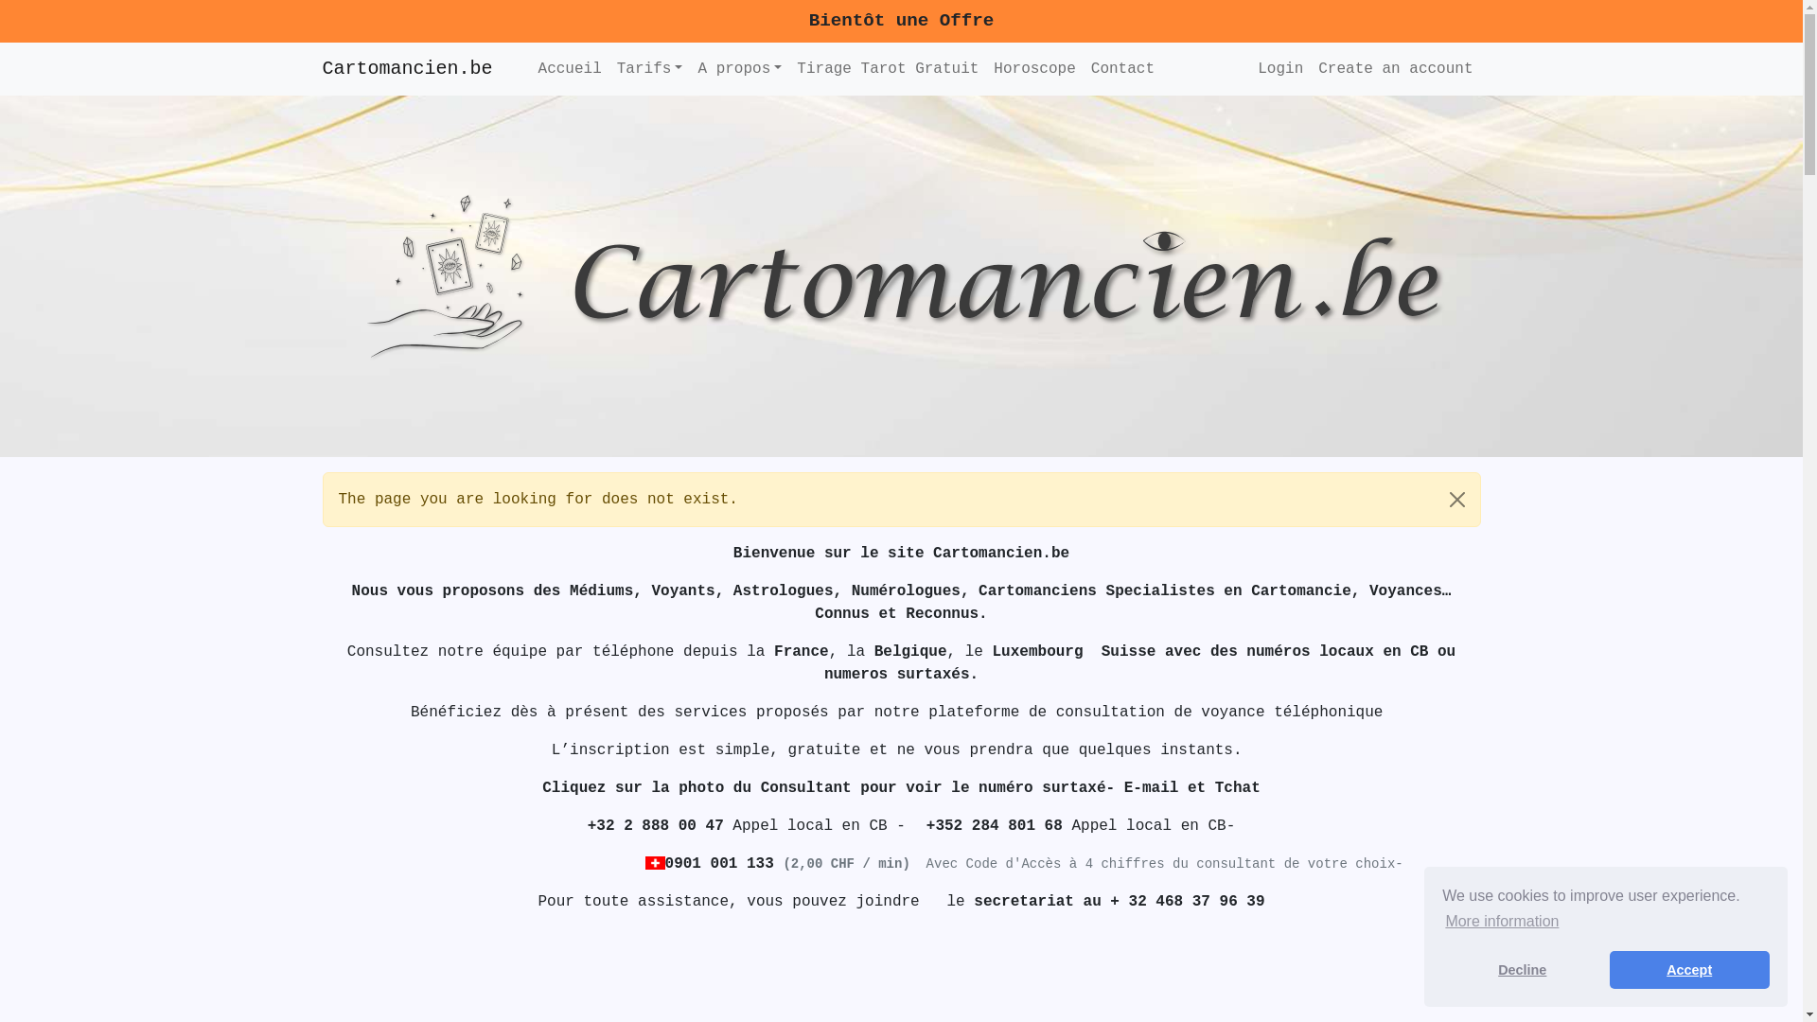 Image resolution: width=1817 pixels, height=1022 pixels. What do you see at coordinates (1501, 921) in the screenshot?
I see `'More information'` at bounding box center [1501, 921].